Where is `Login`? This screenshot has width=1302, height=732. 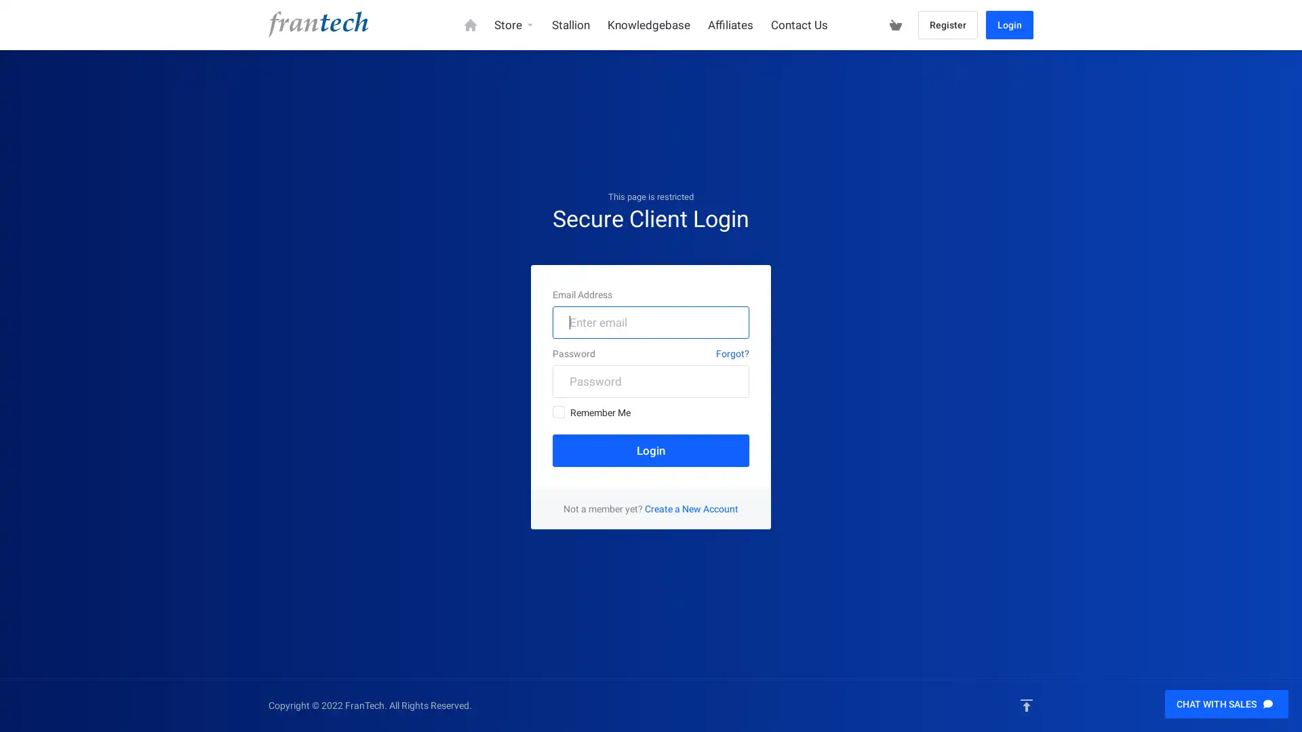 Login is located at coordinates (651, 449).